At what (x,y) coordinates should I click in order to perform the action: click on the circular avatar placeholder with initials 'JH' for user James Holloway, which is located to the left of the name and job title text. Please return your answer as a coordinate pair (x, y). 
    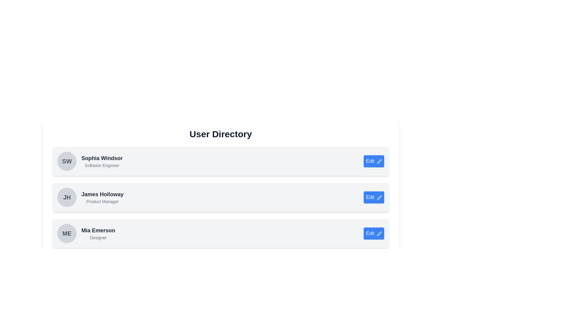
    Looking at the image, I should click on (67, 197).